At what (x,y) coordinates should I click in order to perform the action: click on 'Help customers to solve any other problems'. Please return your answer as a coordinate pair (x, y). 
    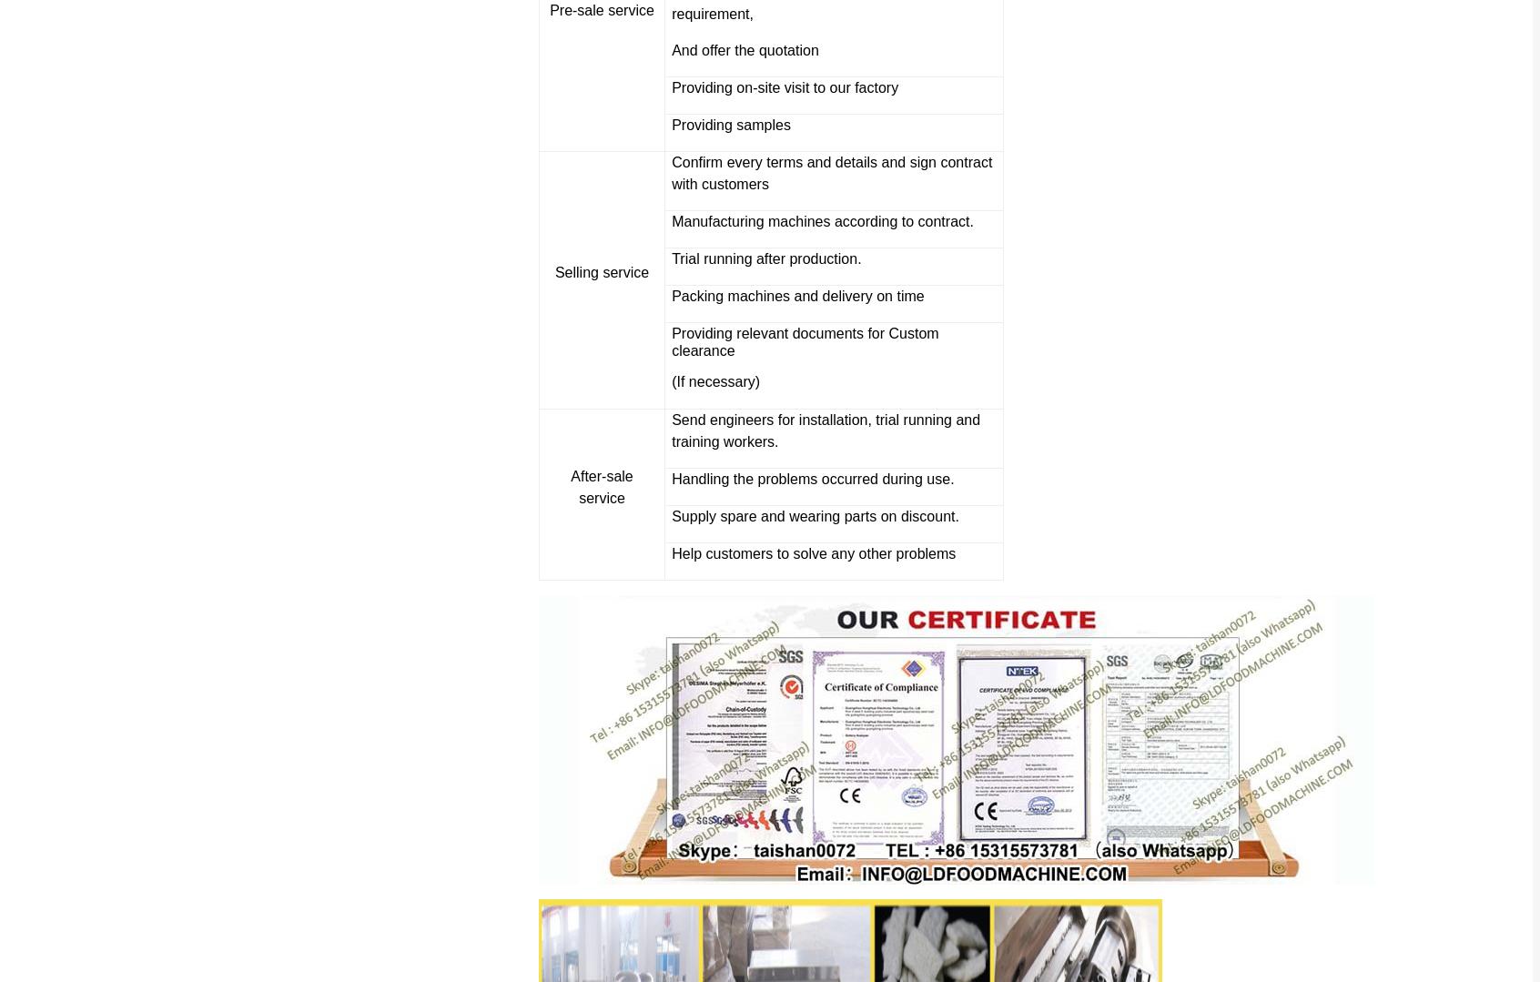
    Looking at the image, I should click on (813, 553).